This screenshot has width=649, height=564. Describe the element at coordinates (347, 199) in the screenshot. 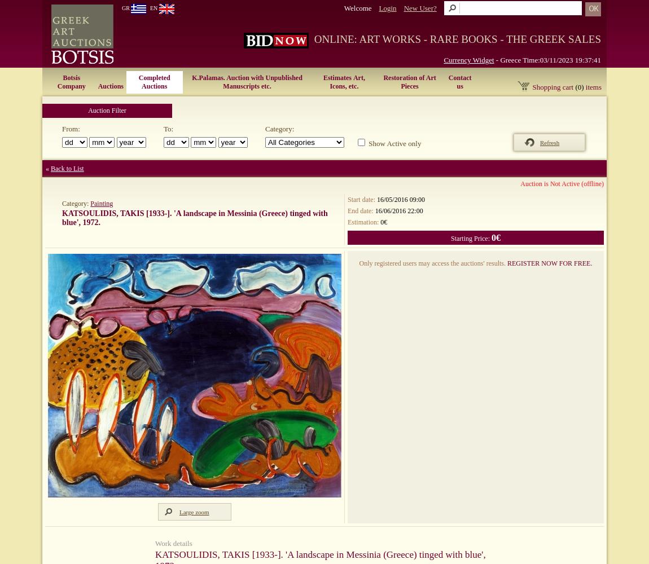

I see `'Start date:'` at that location.